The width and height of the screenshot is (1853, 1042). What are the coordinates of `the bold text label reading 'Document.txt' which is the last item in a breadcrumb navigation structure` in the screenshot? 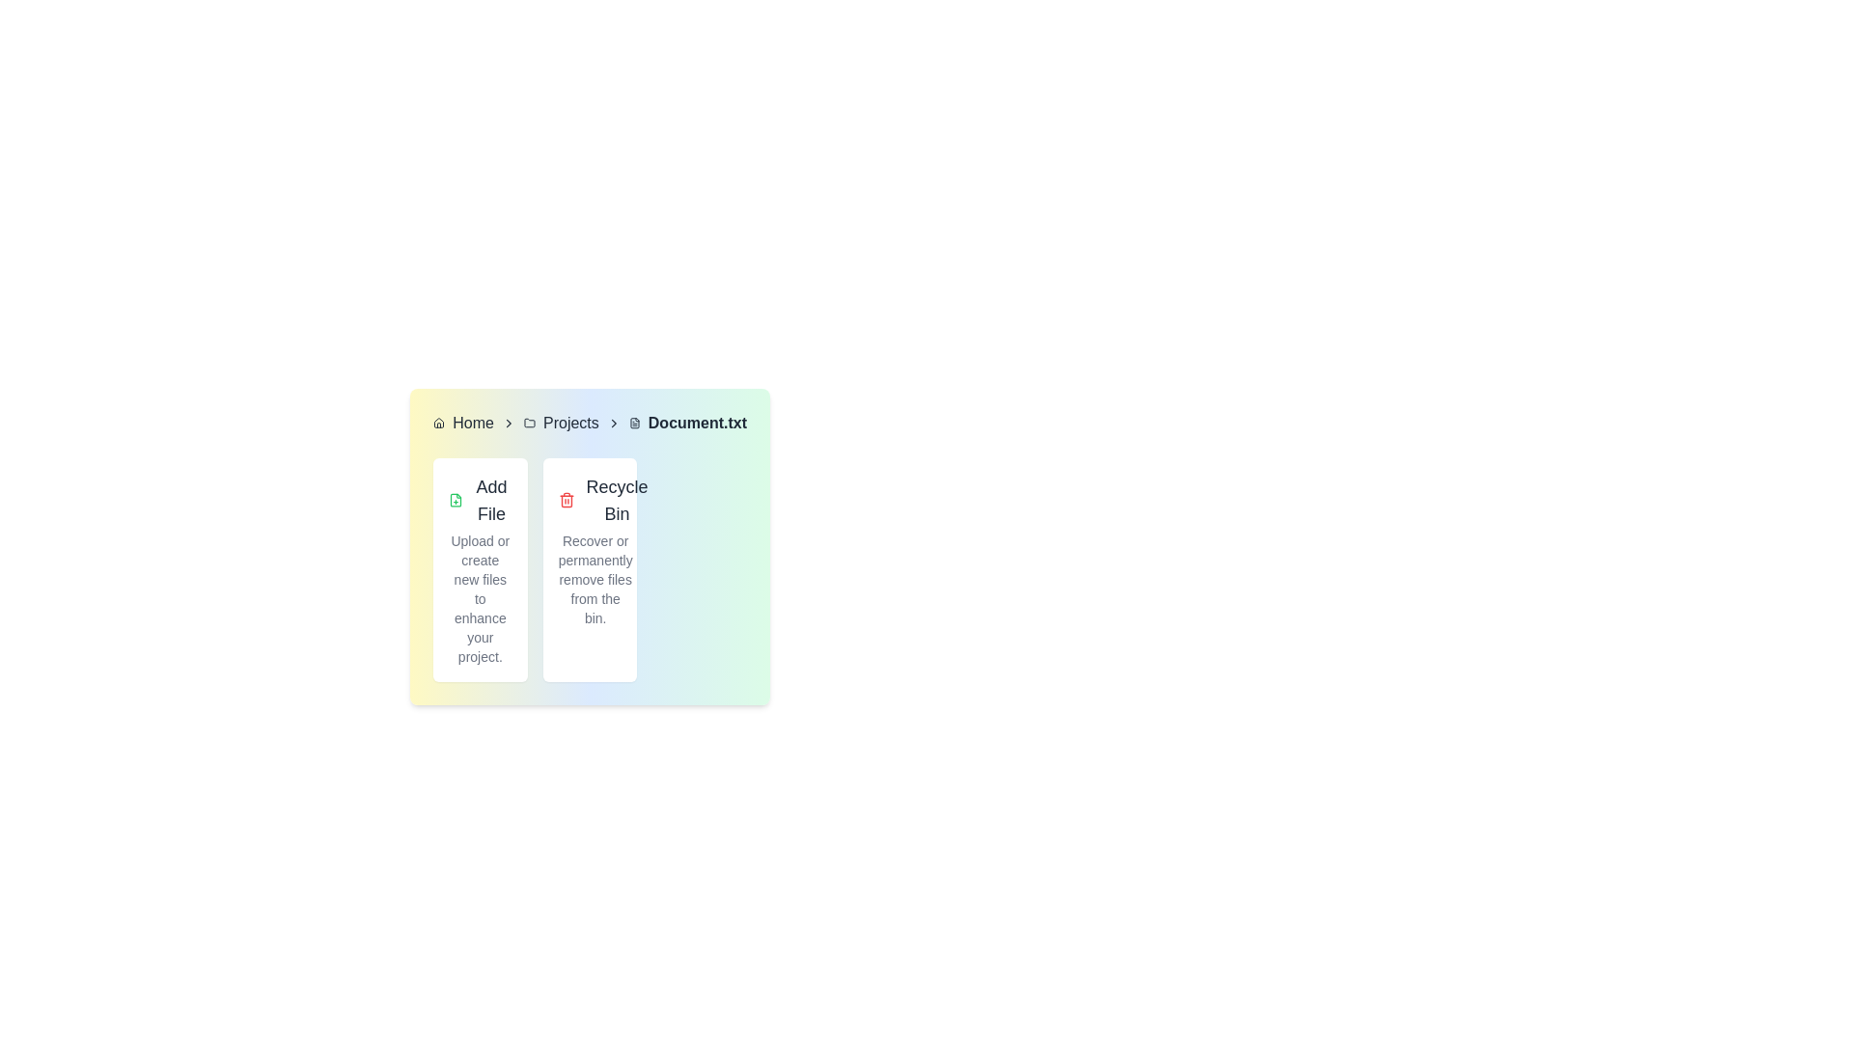 It's located at (696, 423).